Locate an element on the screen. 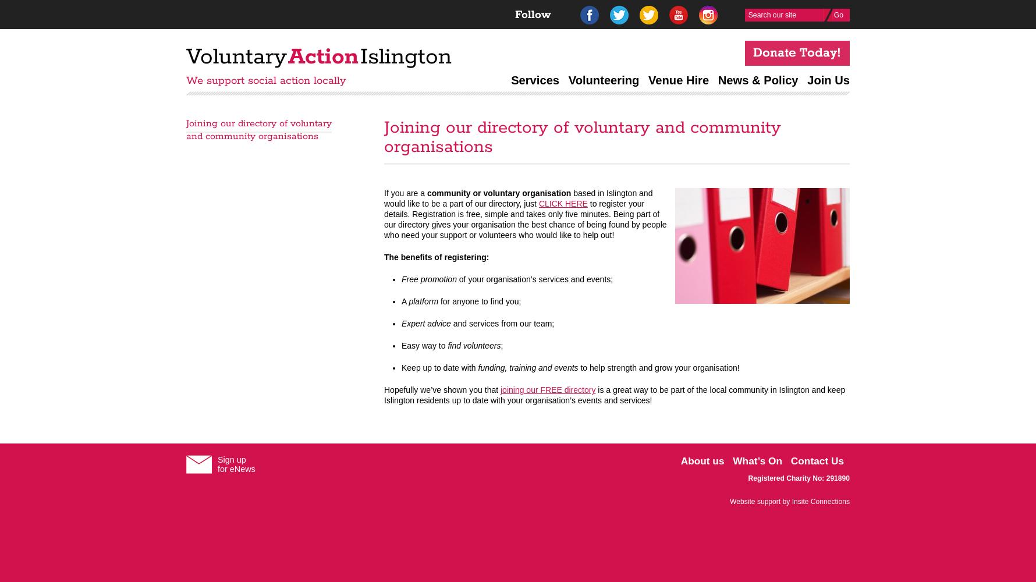 The width and height of the screenshot is (1036, 582). 'of your organisation’s services and events;' is located at coordinates (534, 279).